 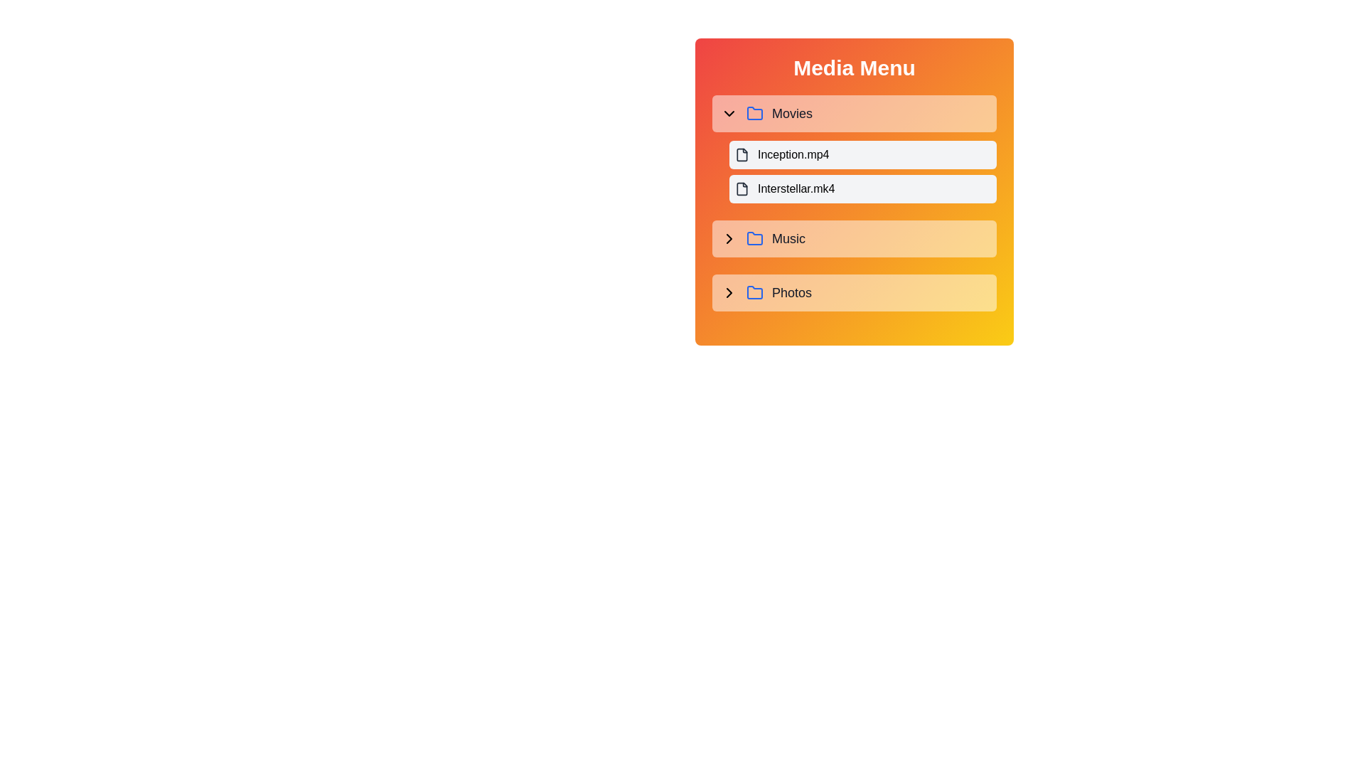 I want to click on the text label 'Interstellar.mk4' located, so click(x=796, y=188).